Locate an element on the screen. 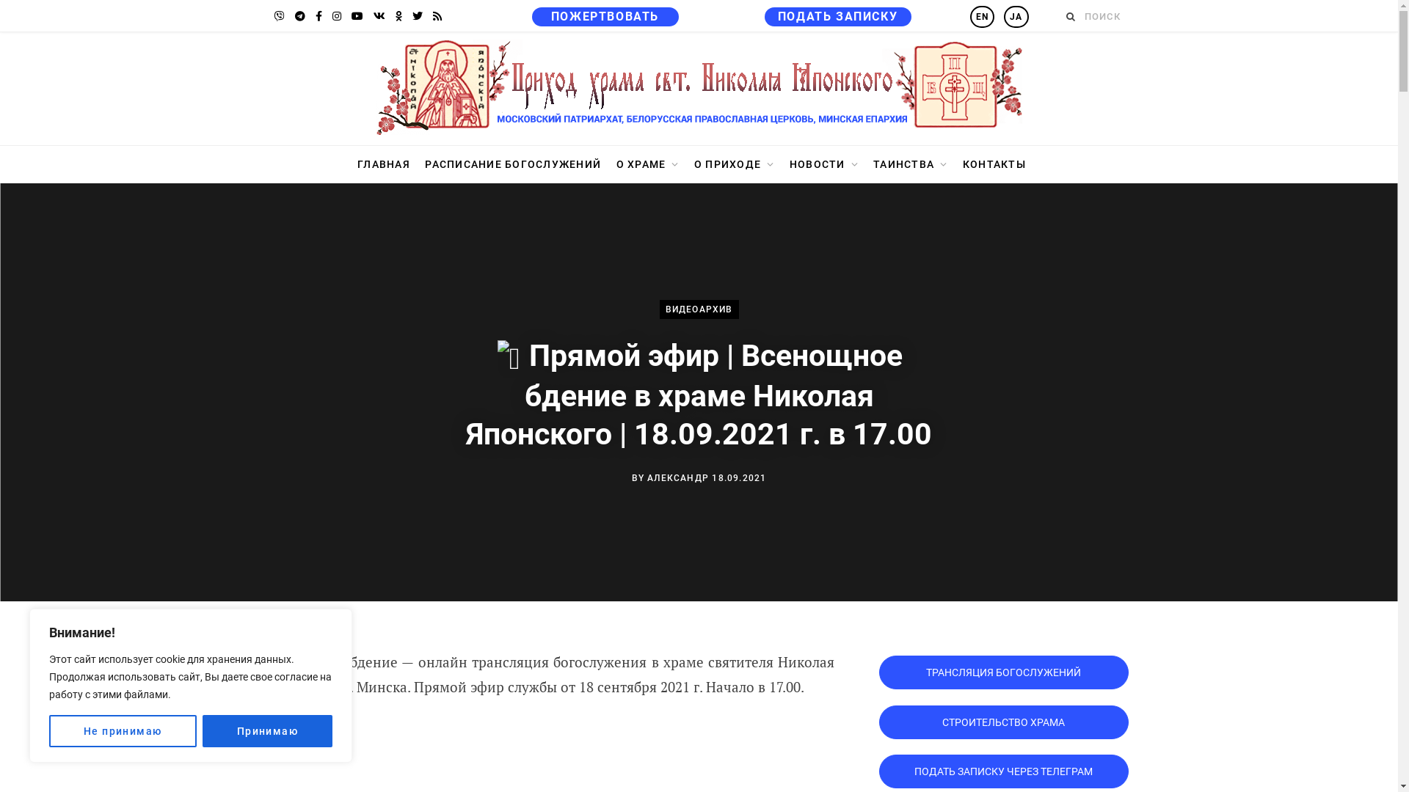 The image size is (1409, 792). 'RSS' is located at coordinates (436, 16).